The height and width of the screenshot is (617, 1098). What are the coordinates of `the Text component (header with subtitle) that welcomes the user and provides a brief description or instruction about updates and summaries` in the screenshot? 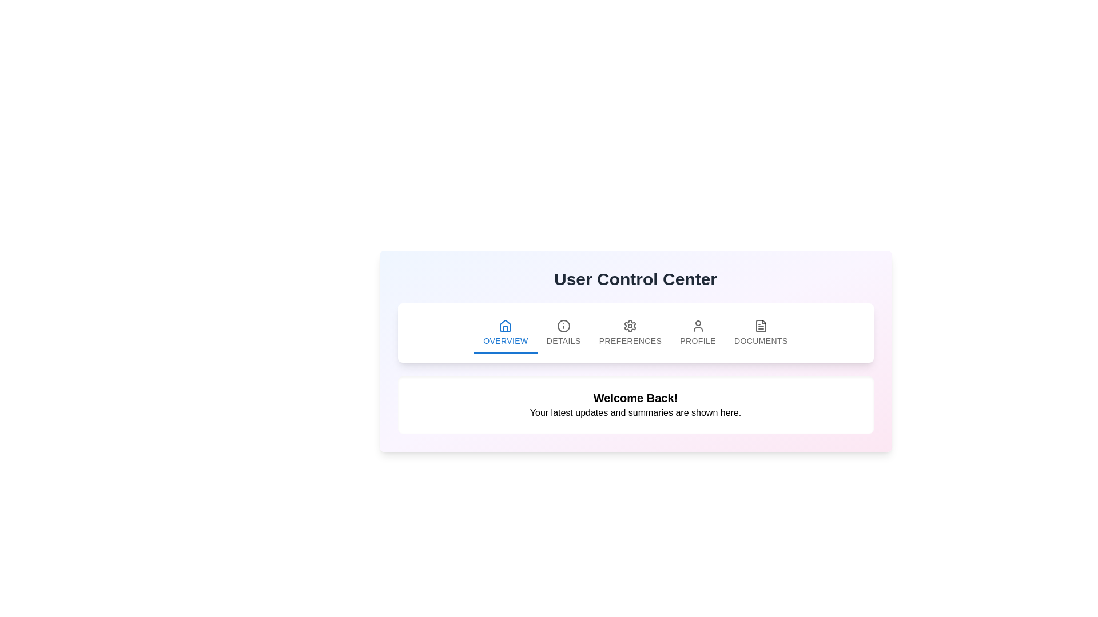 It's located at (635, 404).